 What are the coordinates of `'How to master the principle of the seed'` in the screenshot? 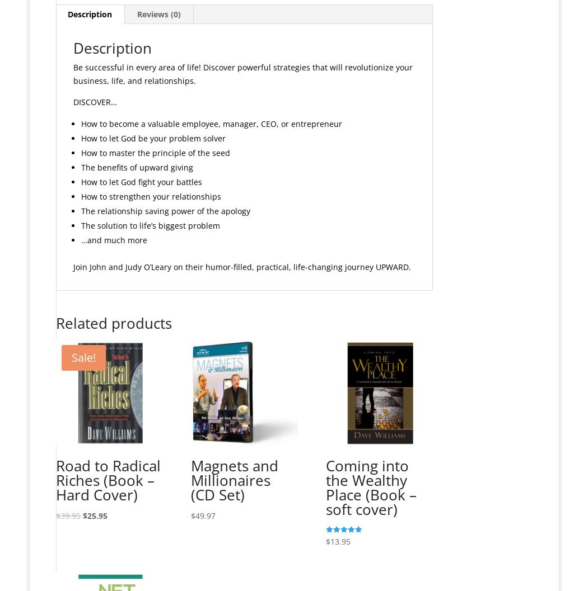 It's located at (154, 152).